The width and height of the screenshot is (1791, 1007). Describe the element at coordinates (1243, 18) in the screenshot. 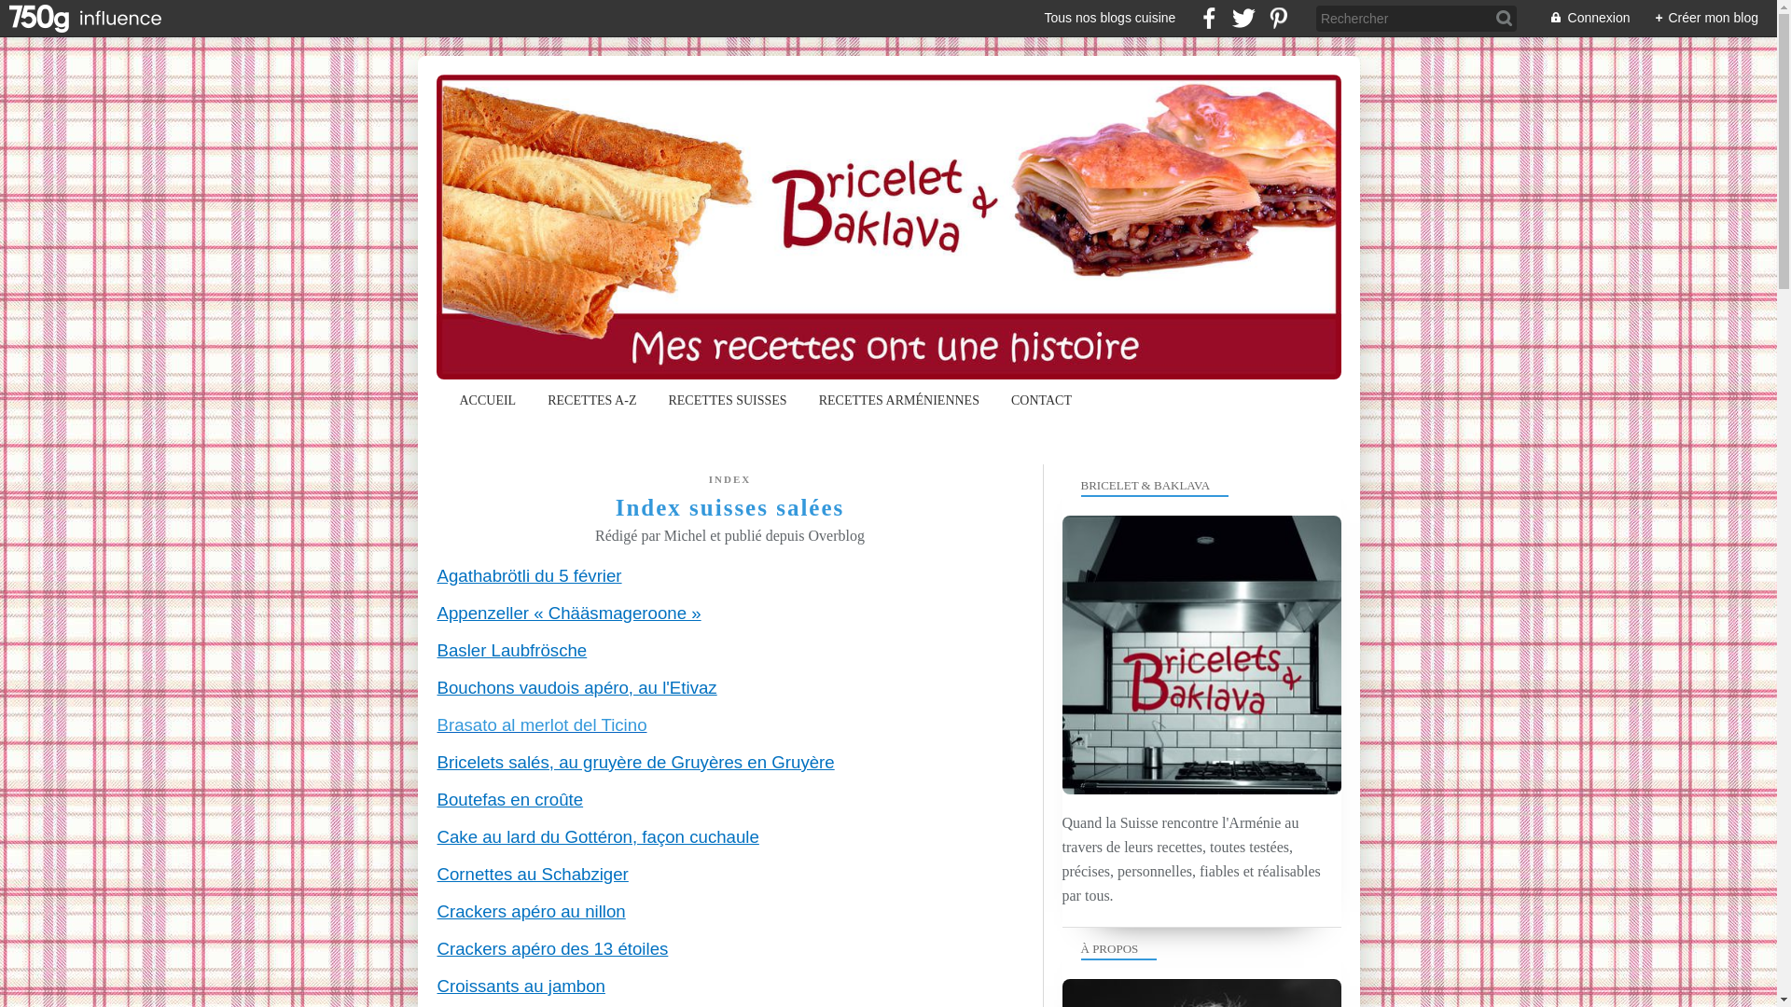

I see `' twitter'` at that location.